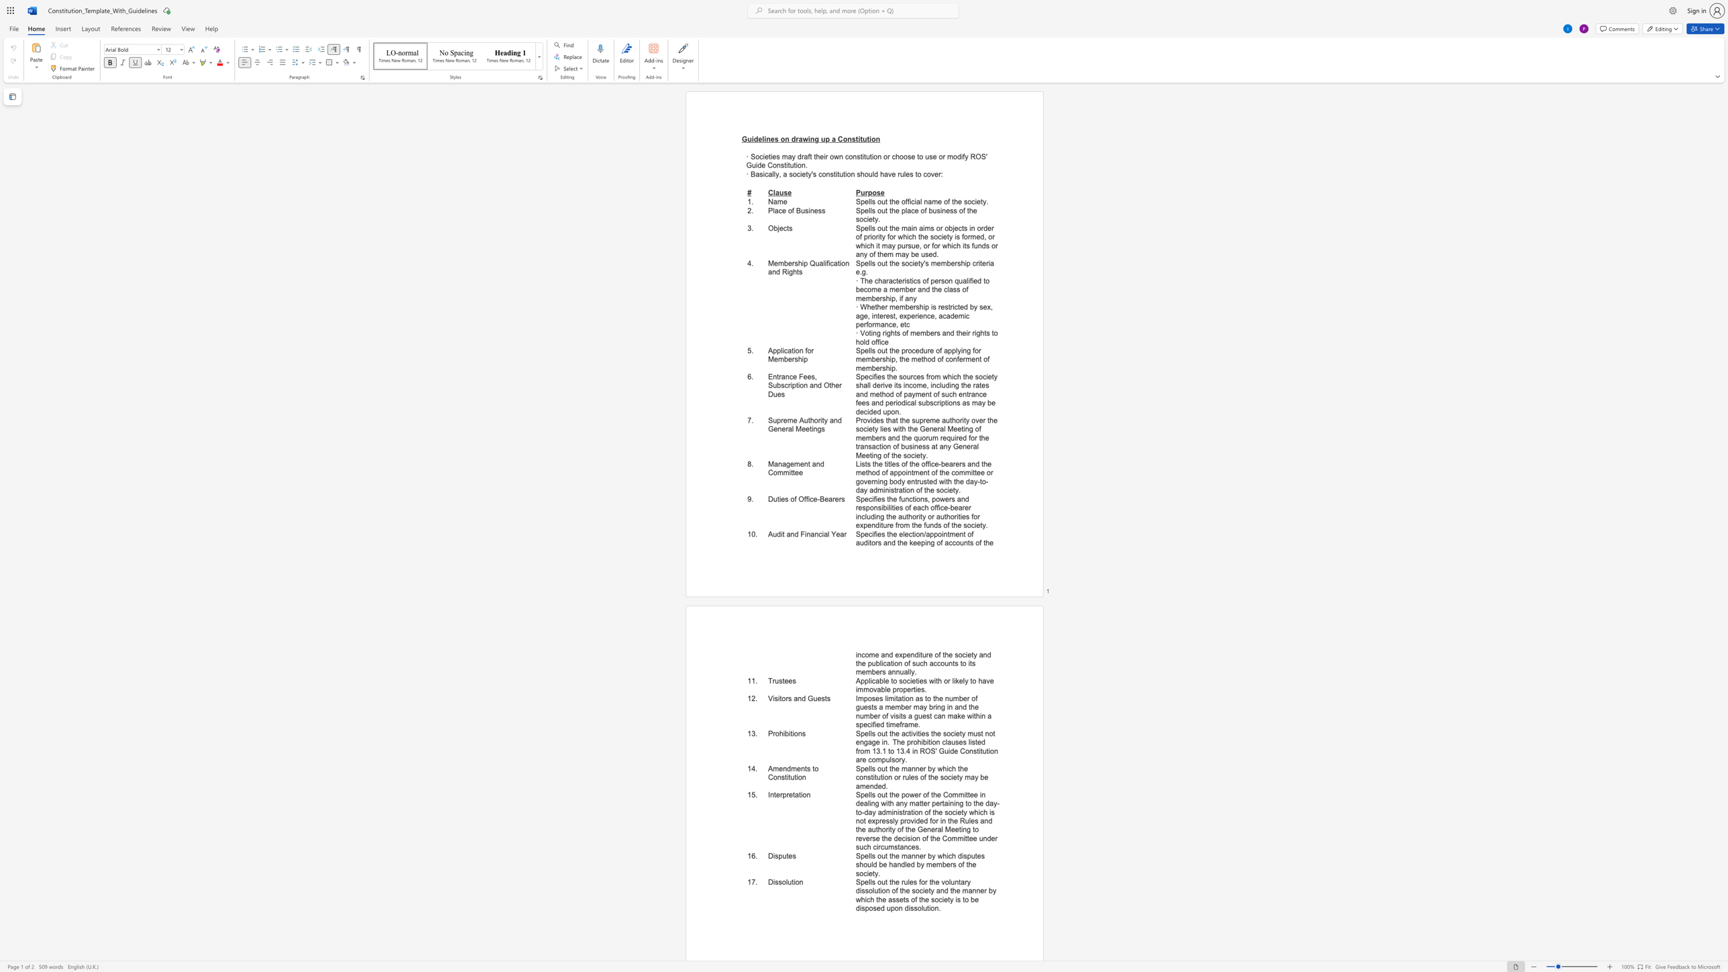 The image size is (1728, 972). Describe the element at coordinates (959, 698) in the screenshot. I see `the subset text "ber" within the text "Imposes limitation as to the number of guests a member may bring in and the number of visits a guest can make within a specified timeframe."` at that location.